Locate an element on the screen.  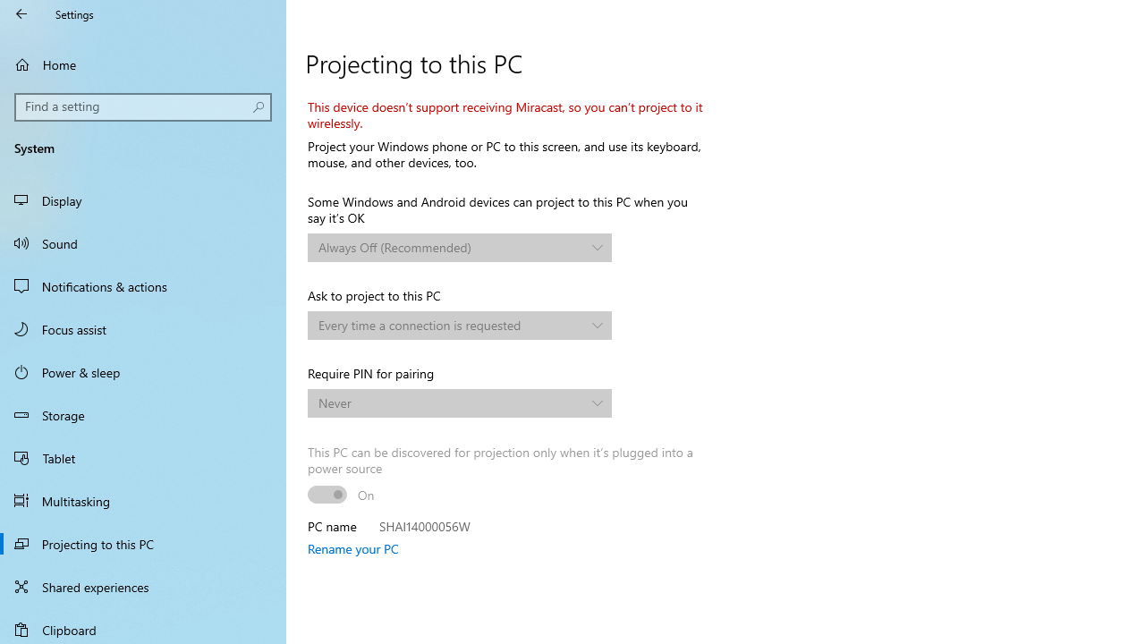
'Never' is located at coordinates (450, 402).